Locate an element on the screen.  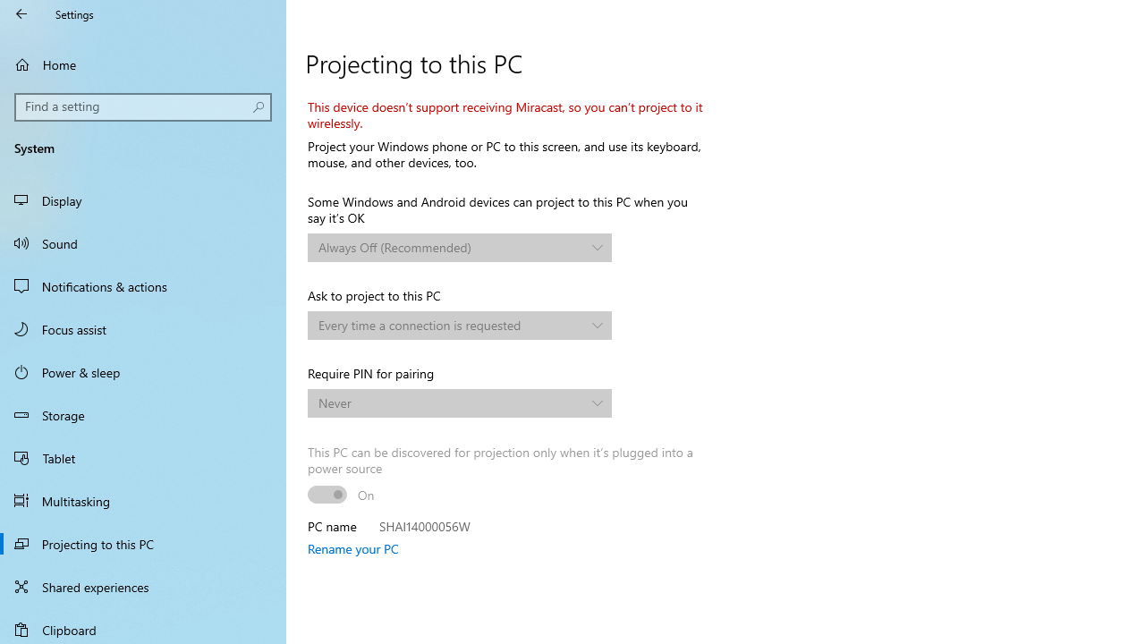
'Never' is located at coordinates (450, 402).